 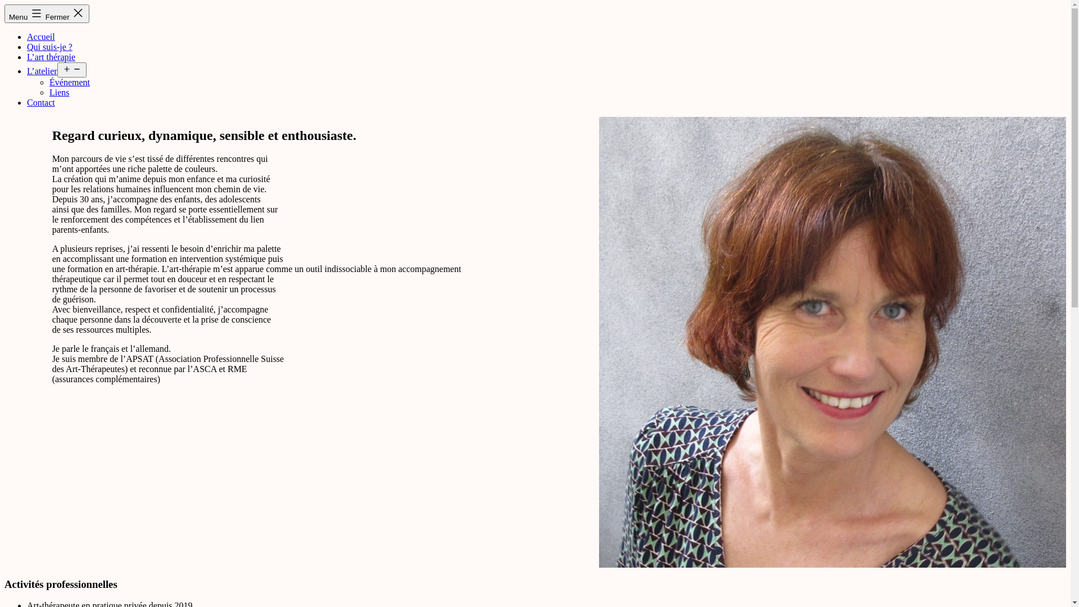 What do you see at coordinates (49, 46) in the screenshot?
I see `'Qui suis-je ?'` at bounding box center [49, 46].